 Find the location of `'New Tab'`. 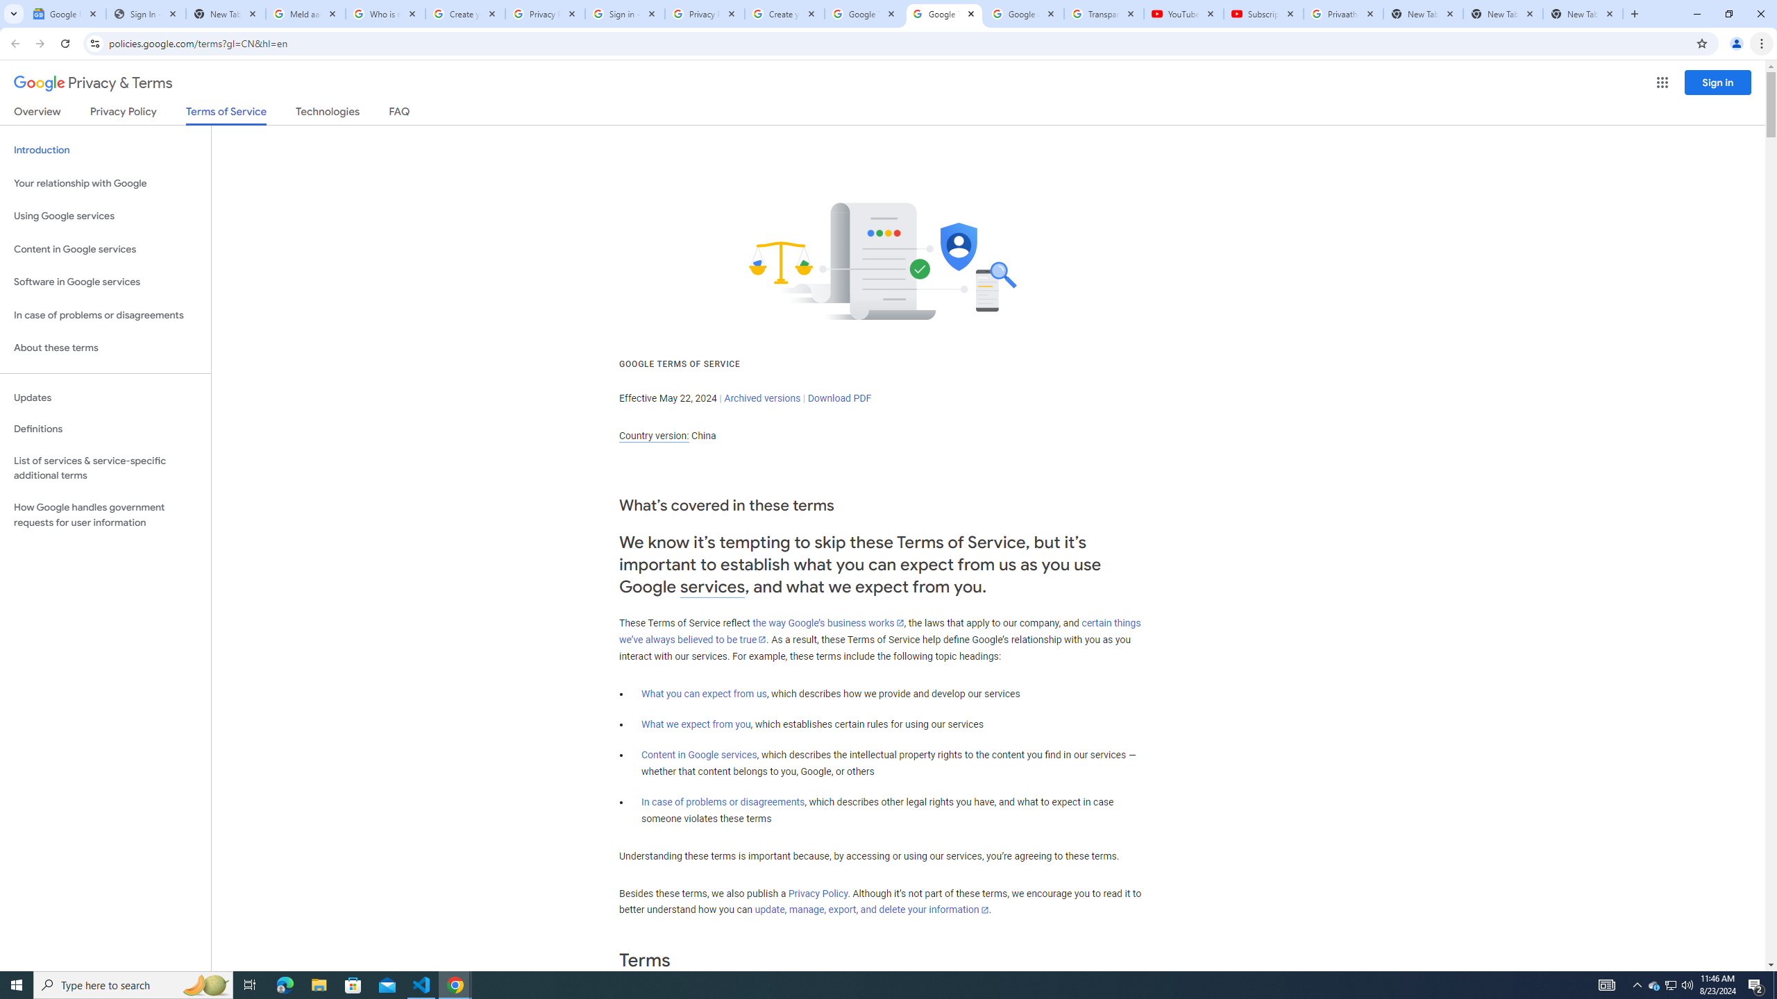

'New Tab' is located at coordinates (1582, 13).